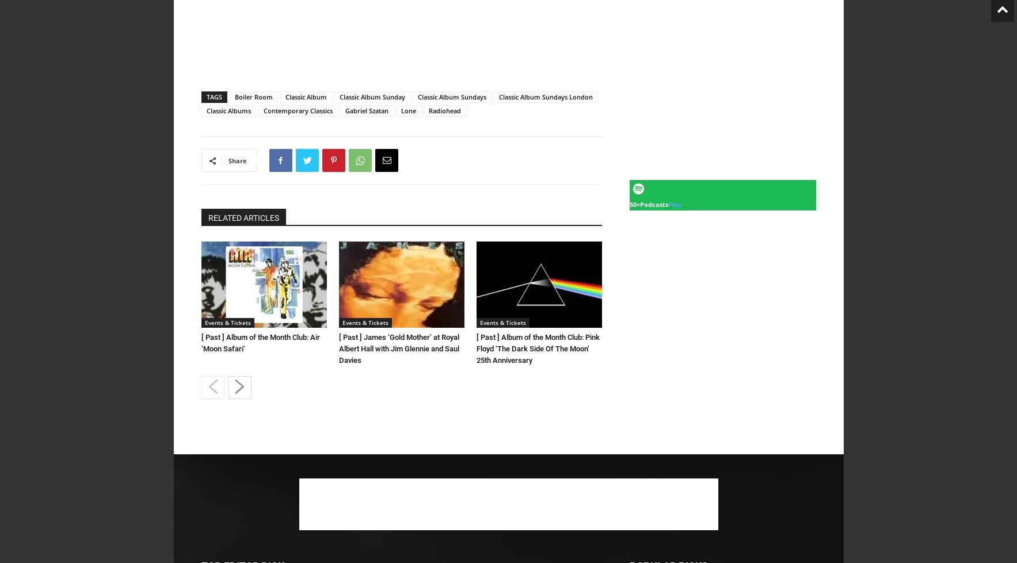 Image resolution: width=1017 pixels, height=563 pixels. Describe the element at coordinates (214, 97) in the screenshot. I see `'TAGS'` at that location.